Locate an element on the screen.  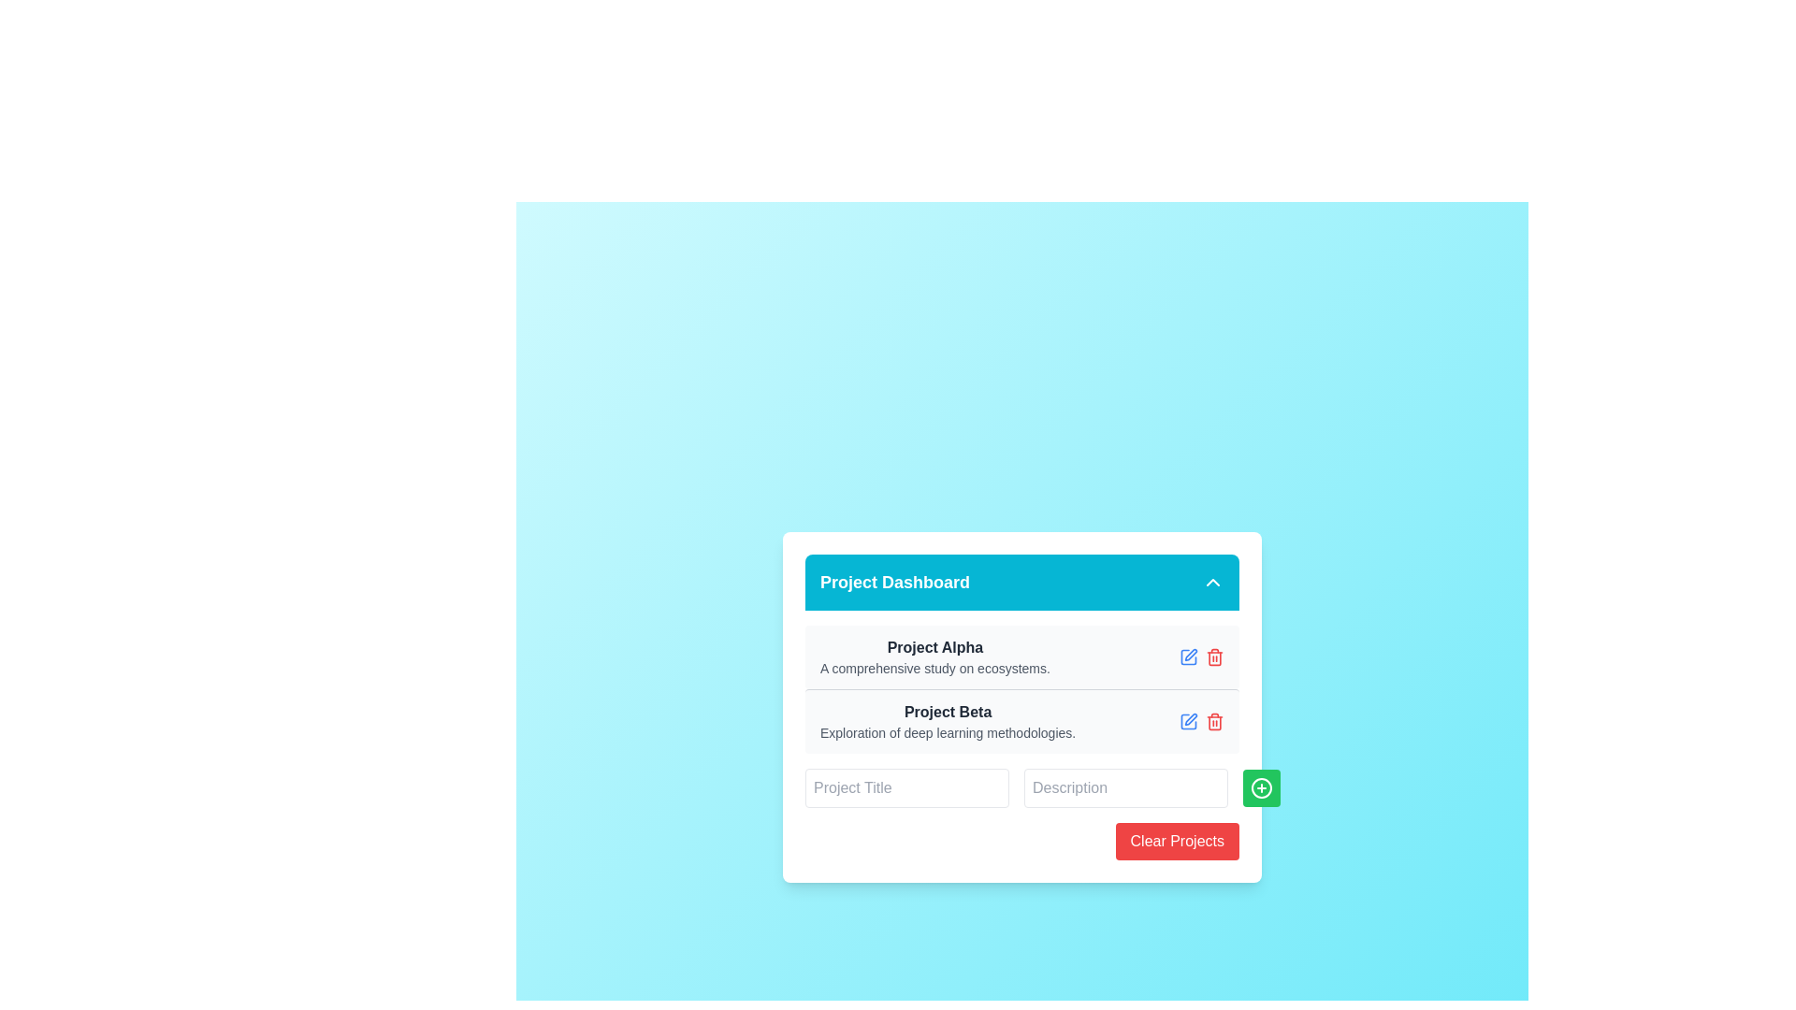
the pencil-like edit icon located in the center-right section of the 'Project Beta' entry row is located at coordinates (1190, 717).